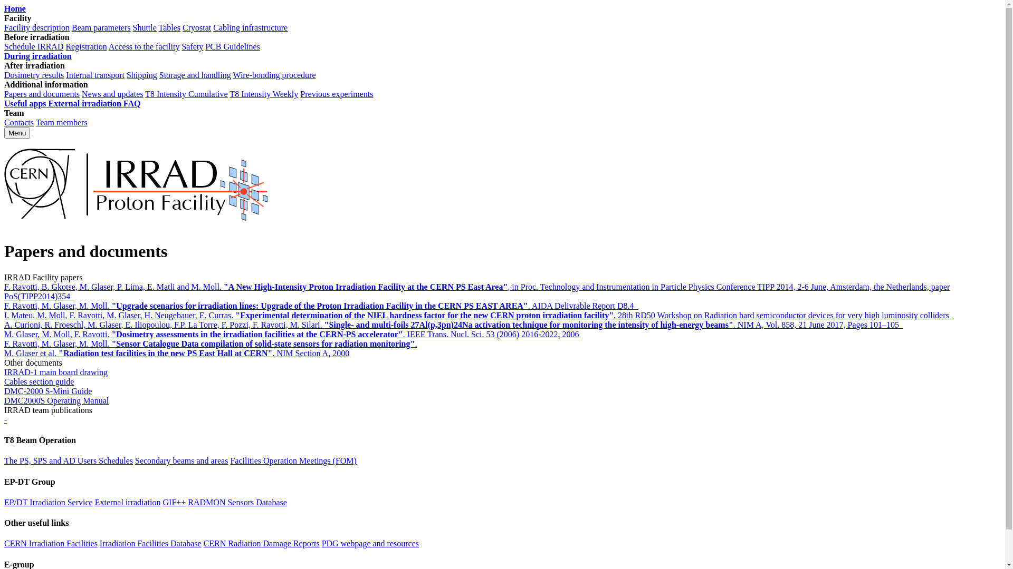  I want to click on 'Schedule IRRAD', so click(4, 46).